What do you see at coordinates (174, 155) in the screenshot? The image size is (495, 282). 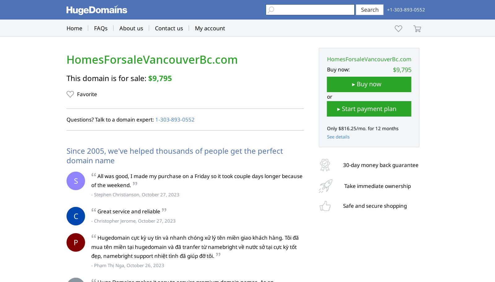 I see `'Since 2005, we've helped thousands of people get the perfect domain name'` at bounding box center [174, 155].